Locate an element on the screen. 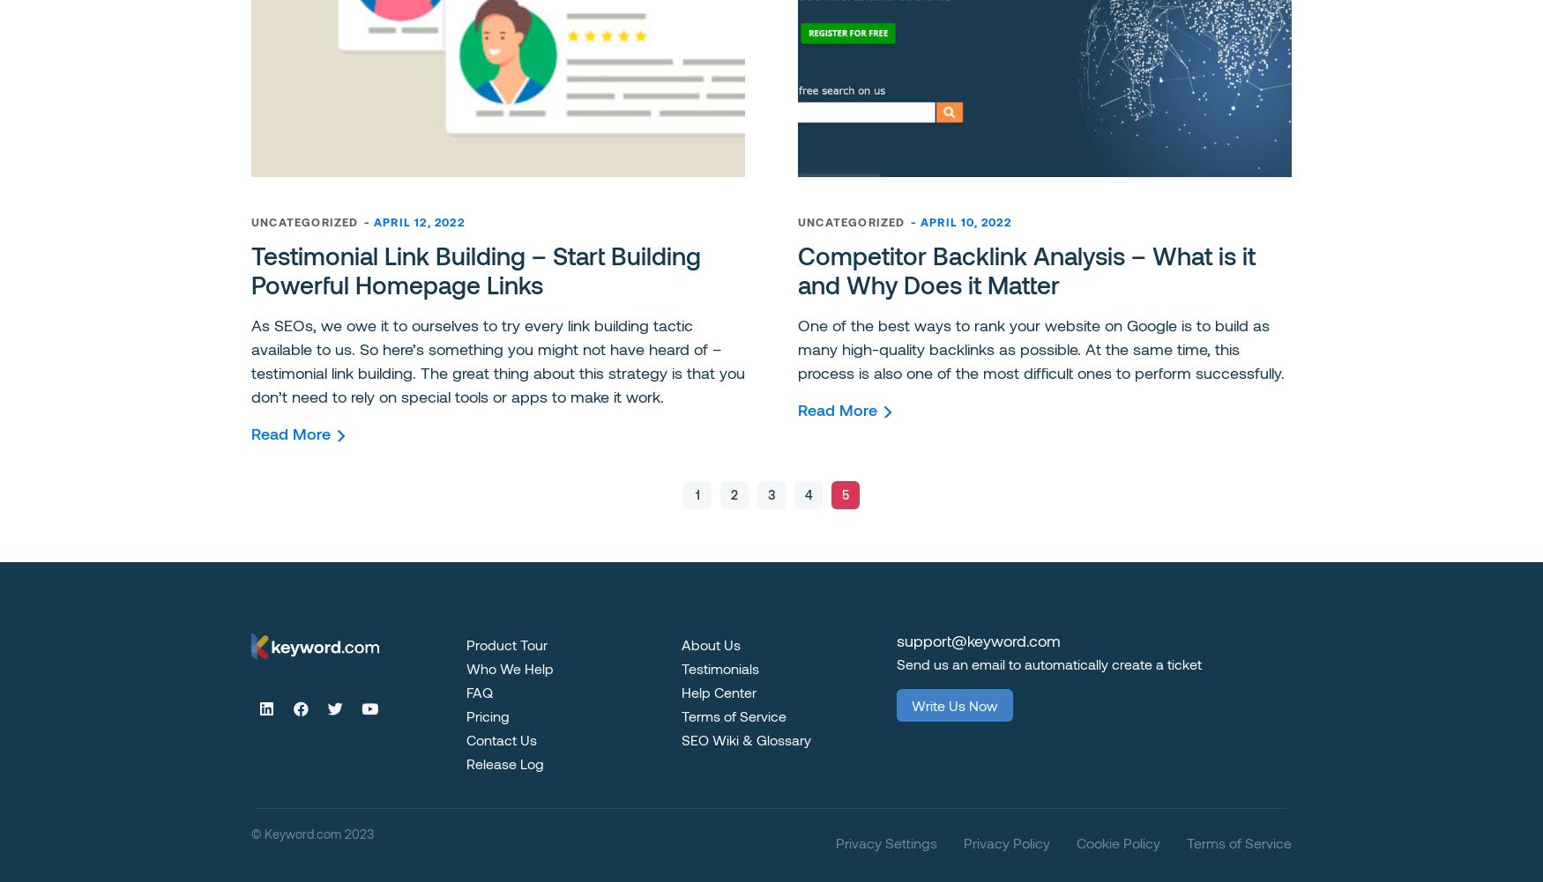 This screenshot has width=1543, height=882. 'Release Log' is located at coordinates (466, 762).